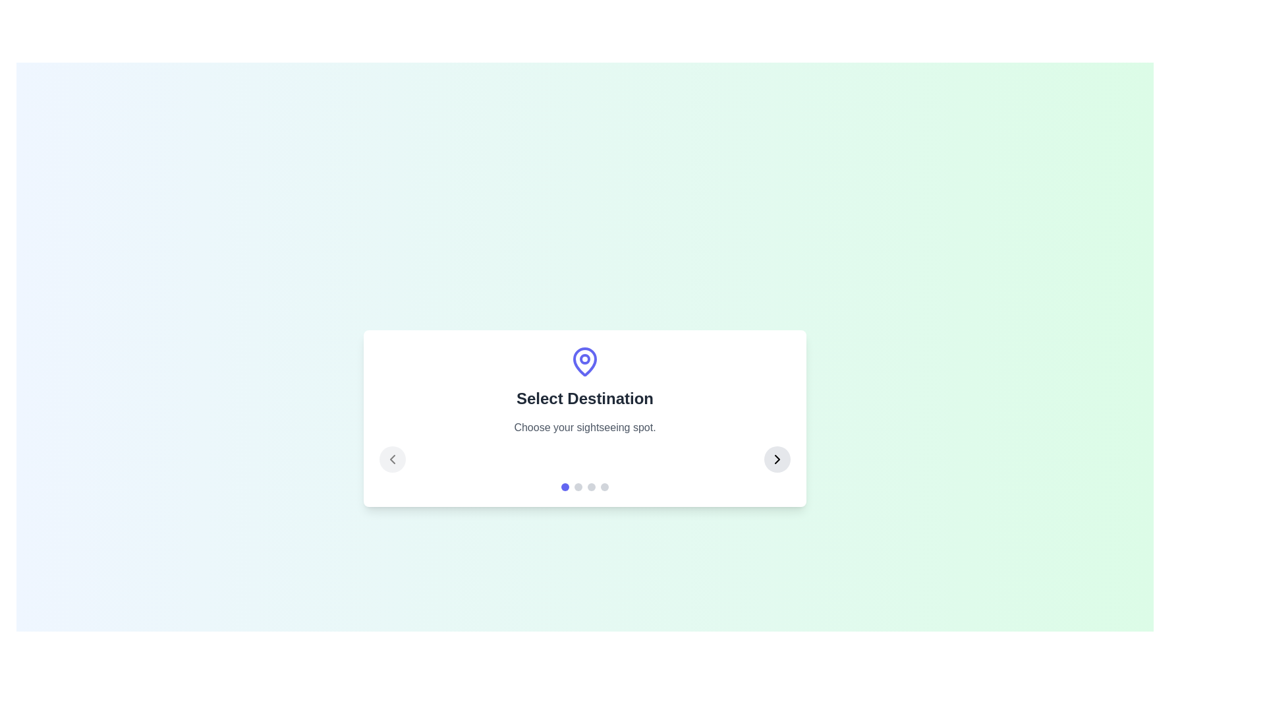 This screenshot has height=712, width=1265. What do you see at coordinates (391, 459) in the screenshot?
I see `the left arrow button to navigate to the previous step` at bounding box center [391, 459].